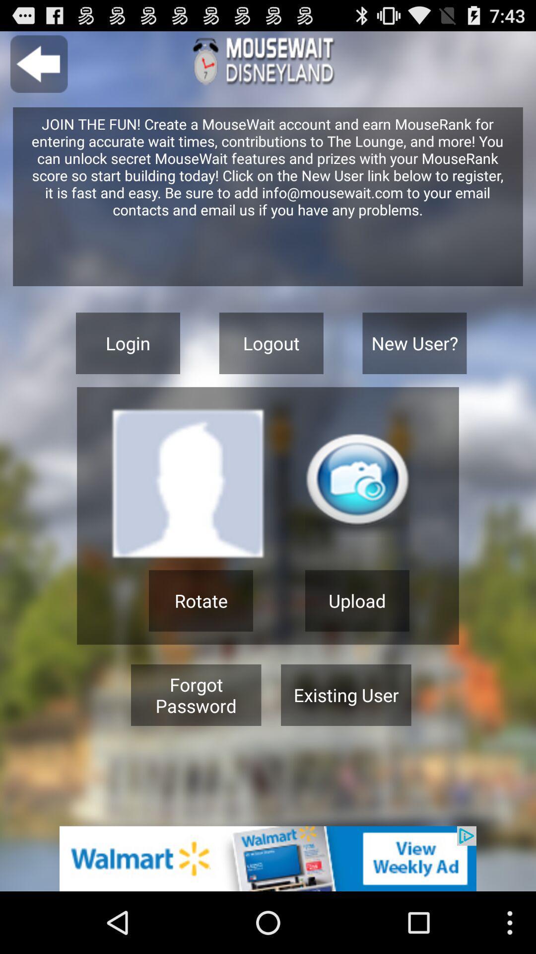 Image resolution: width=536 pixels, height=954 pixels. What do you see at coordinates (357, 485) in the screenshot?
I see `take a picture` at bounding box center [357, 485].